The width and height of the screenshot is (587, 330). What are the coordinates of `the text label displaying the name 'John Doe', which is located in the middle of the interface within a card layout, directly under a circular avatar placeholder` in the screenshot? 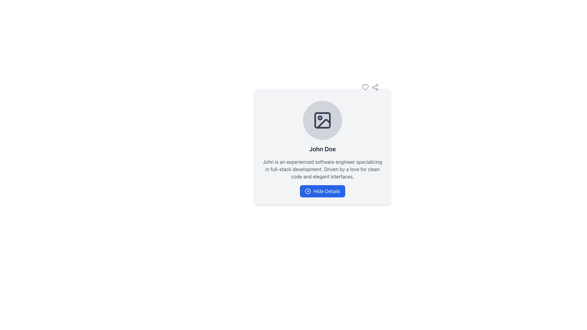 It's located at (322, 149).